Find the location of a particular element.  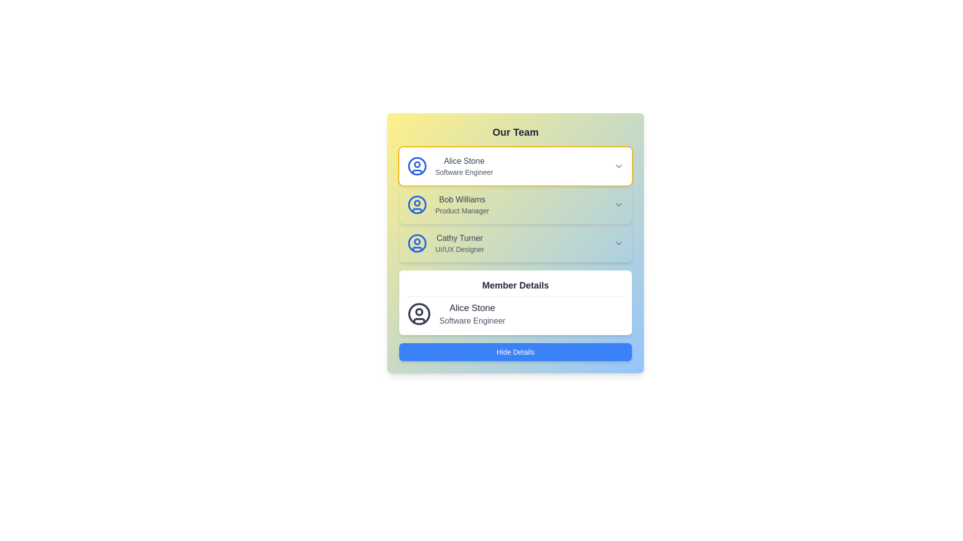

the user icon representing Alice Stone located at the top-left corner of the member details card is located at coordinates (419, 314).